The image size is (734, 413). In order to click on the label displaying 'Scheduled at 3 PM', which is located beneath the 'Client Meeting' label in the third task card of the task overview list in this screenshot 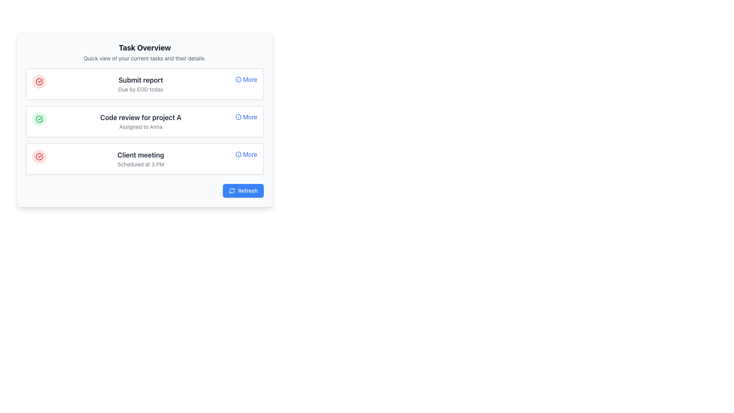, I will do `click(141, 164)`.